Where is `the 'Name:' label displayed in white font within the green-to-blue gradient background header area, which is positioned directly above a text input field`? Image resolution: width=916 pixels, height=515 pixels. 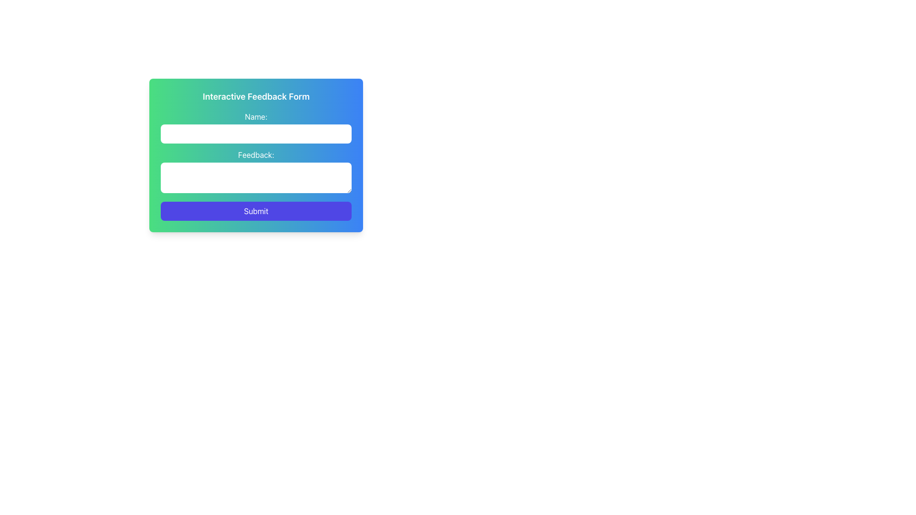 the 'Name:' label displayed in white font within the green-to-blue gradient background header area, which is positioned directly above a text input field is located at coordinates (256, 116).